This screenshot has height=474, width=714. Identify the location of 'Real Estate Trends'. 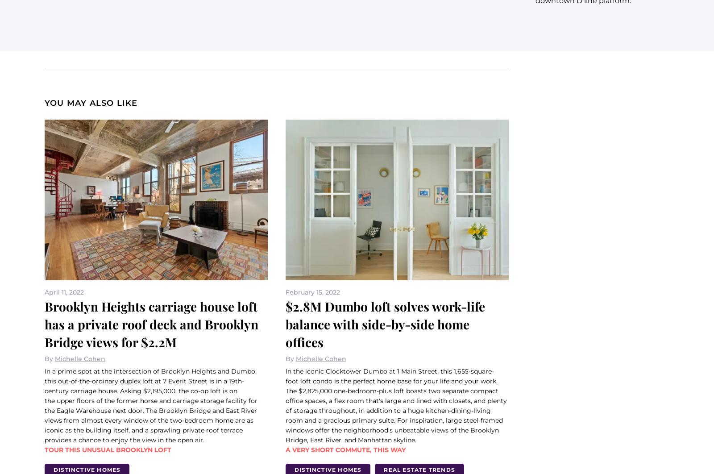
(419, 469).